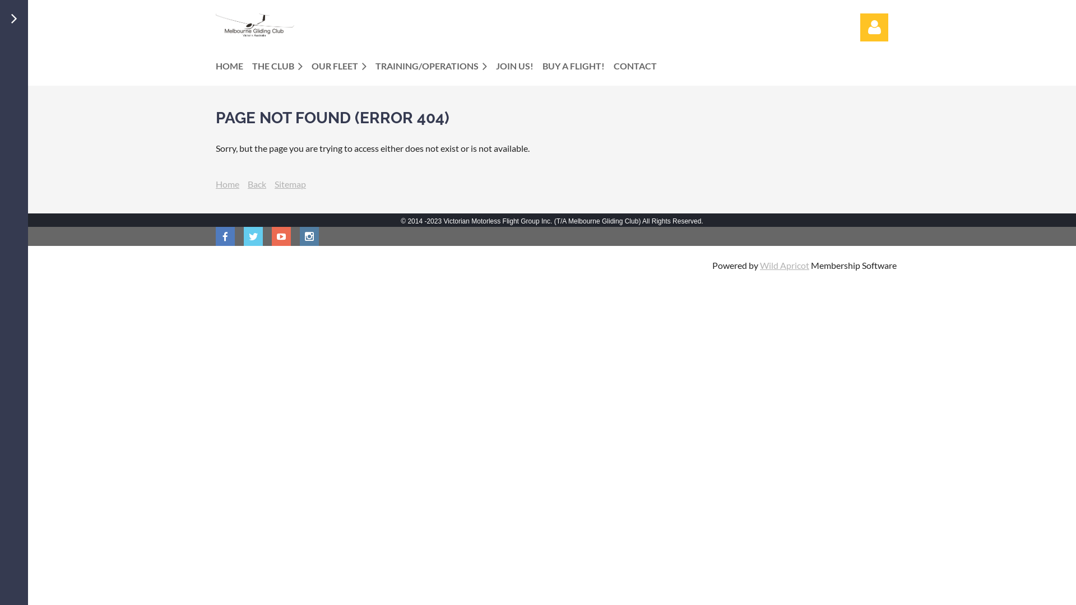 The height and width of the screenshot is (605, 1076). I want to click on 'OUR FLEET', so click(343, 66).